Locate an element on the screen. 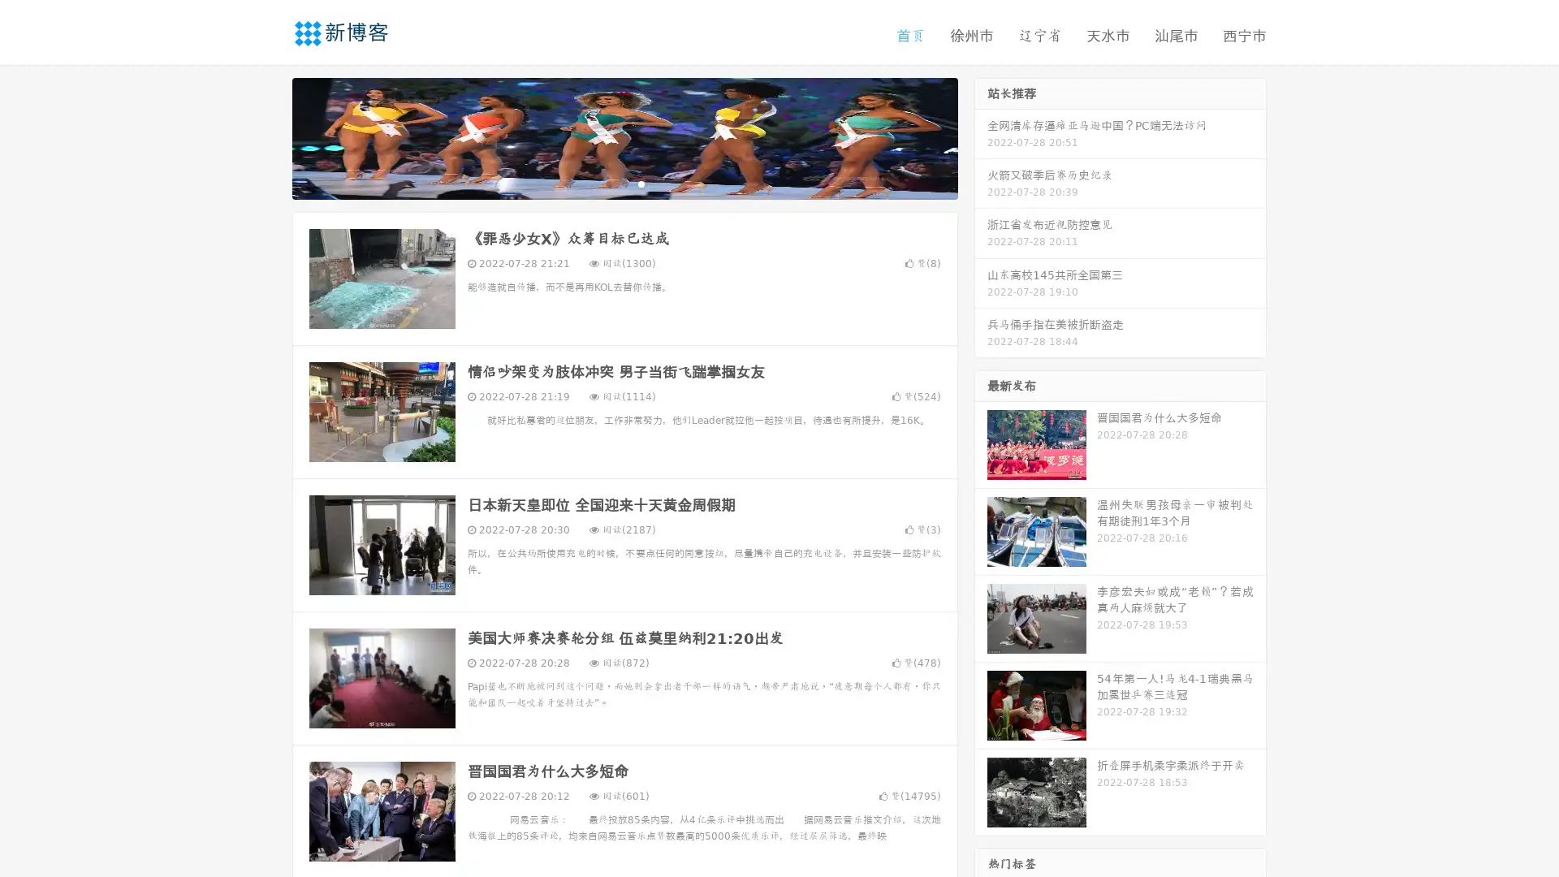  Go to slide 1 is located at coordinates (607, 183).